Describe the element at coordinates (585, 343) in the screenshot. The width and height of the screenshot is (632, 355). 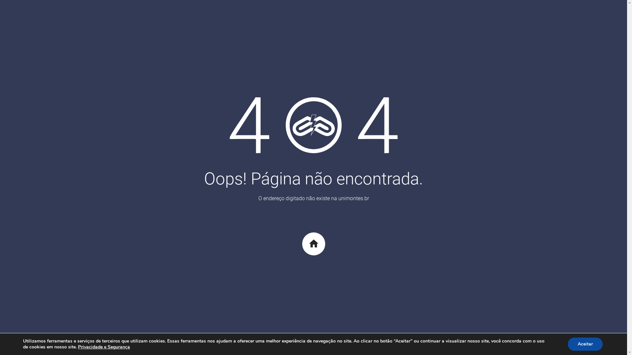
I see `'Aceitar'` at that location.